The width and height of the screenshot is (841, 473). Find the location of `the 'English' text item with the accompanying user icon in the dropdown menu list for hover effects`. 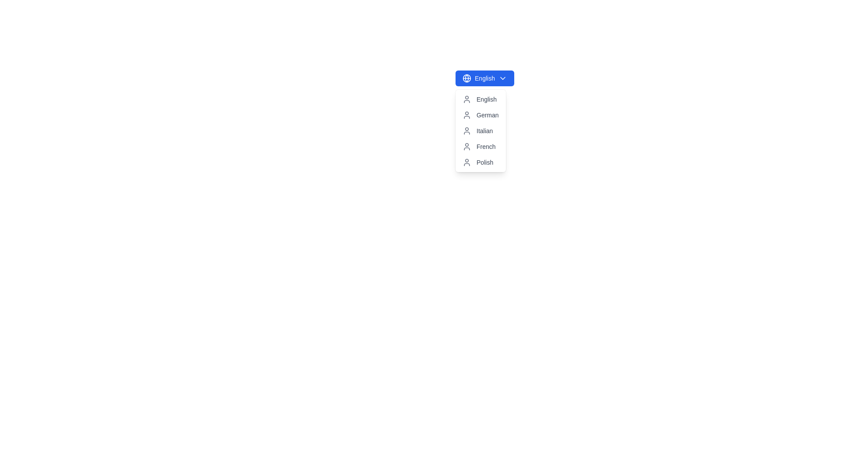

the 'English' text item with the accompanying user icon in the dropdown menu list for hover effects is located at coordinates (480, 99).